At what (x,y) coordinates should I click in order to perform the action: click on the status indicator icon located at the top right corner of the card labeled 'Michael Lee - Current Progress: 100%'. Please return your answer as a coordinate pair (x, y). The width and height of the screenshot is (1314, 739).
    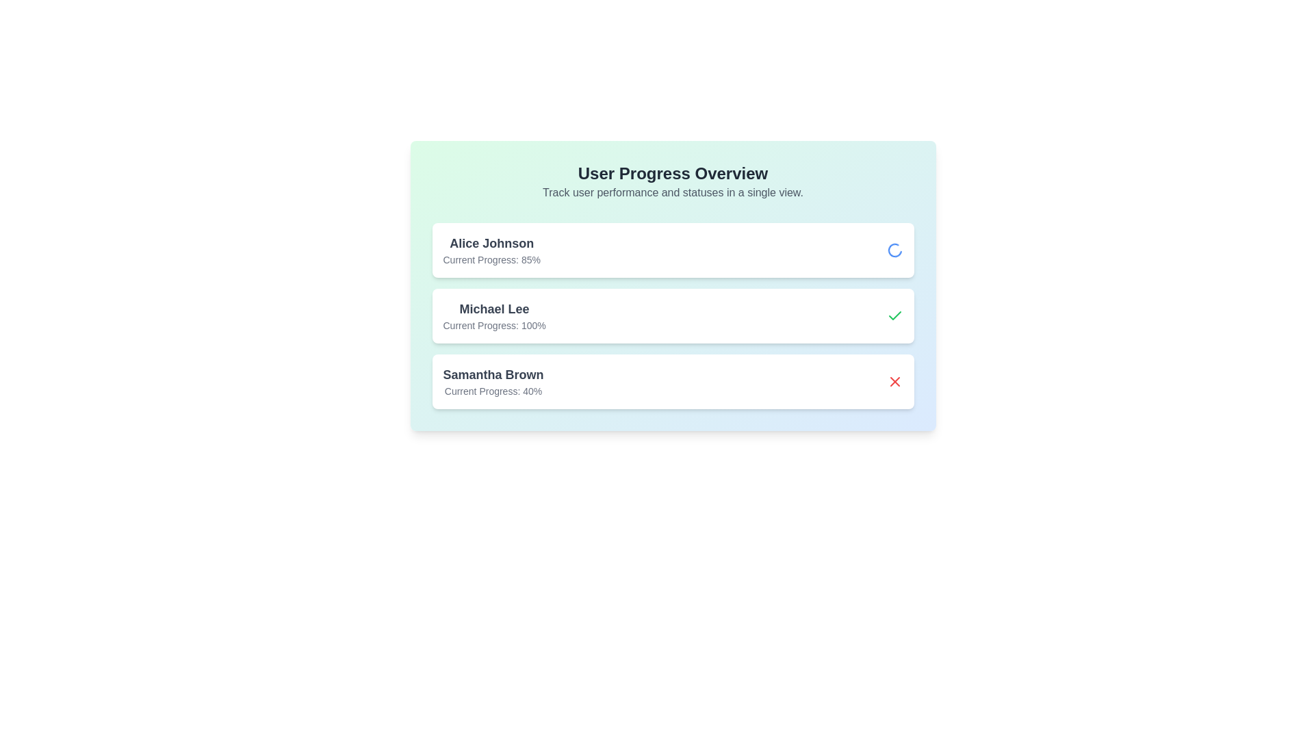
    Looking at the image, I should click on (894, 316).